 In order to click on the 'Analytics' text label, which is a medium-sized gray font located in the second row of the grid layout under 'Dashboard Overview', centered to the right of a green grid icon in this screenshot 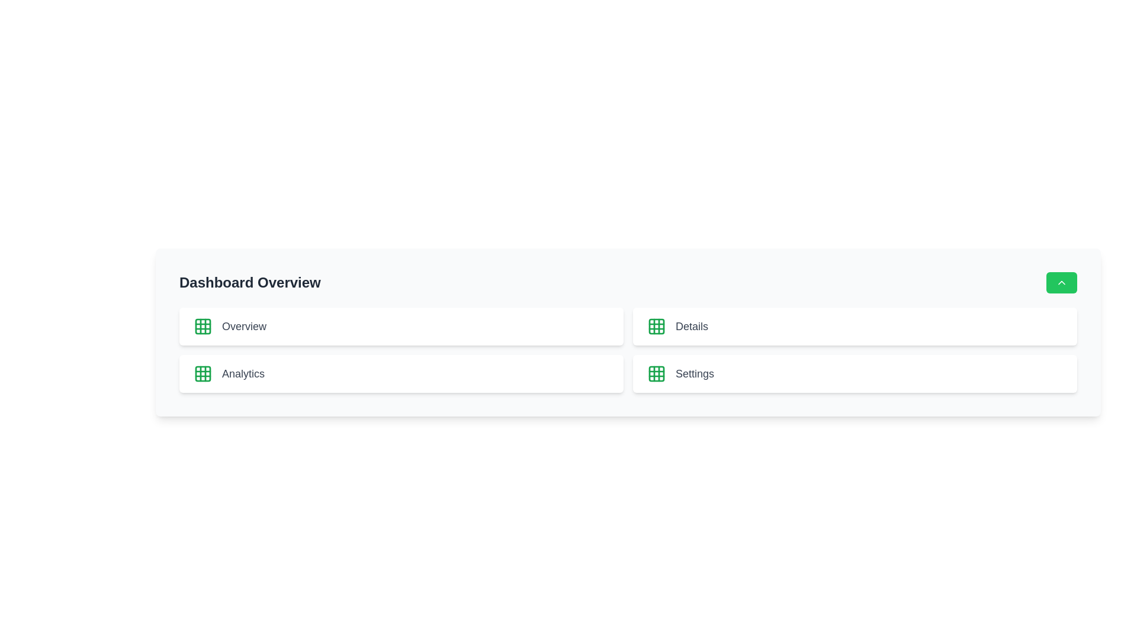, I will do `click(243, 374)`.